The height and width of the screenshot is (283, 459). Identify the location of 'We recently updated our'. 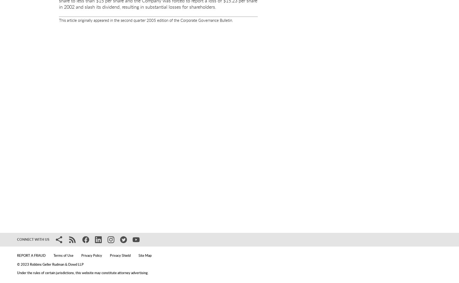
(131, 196).